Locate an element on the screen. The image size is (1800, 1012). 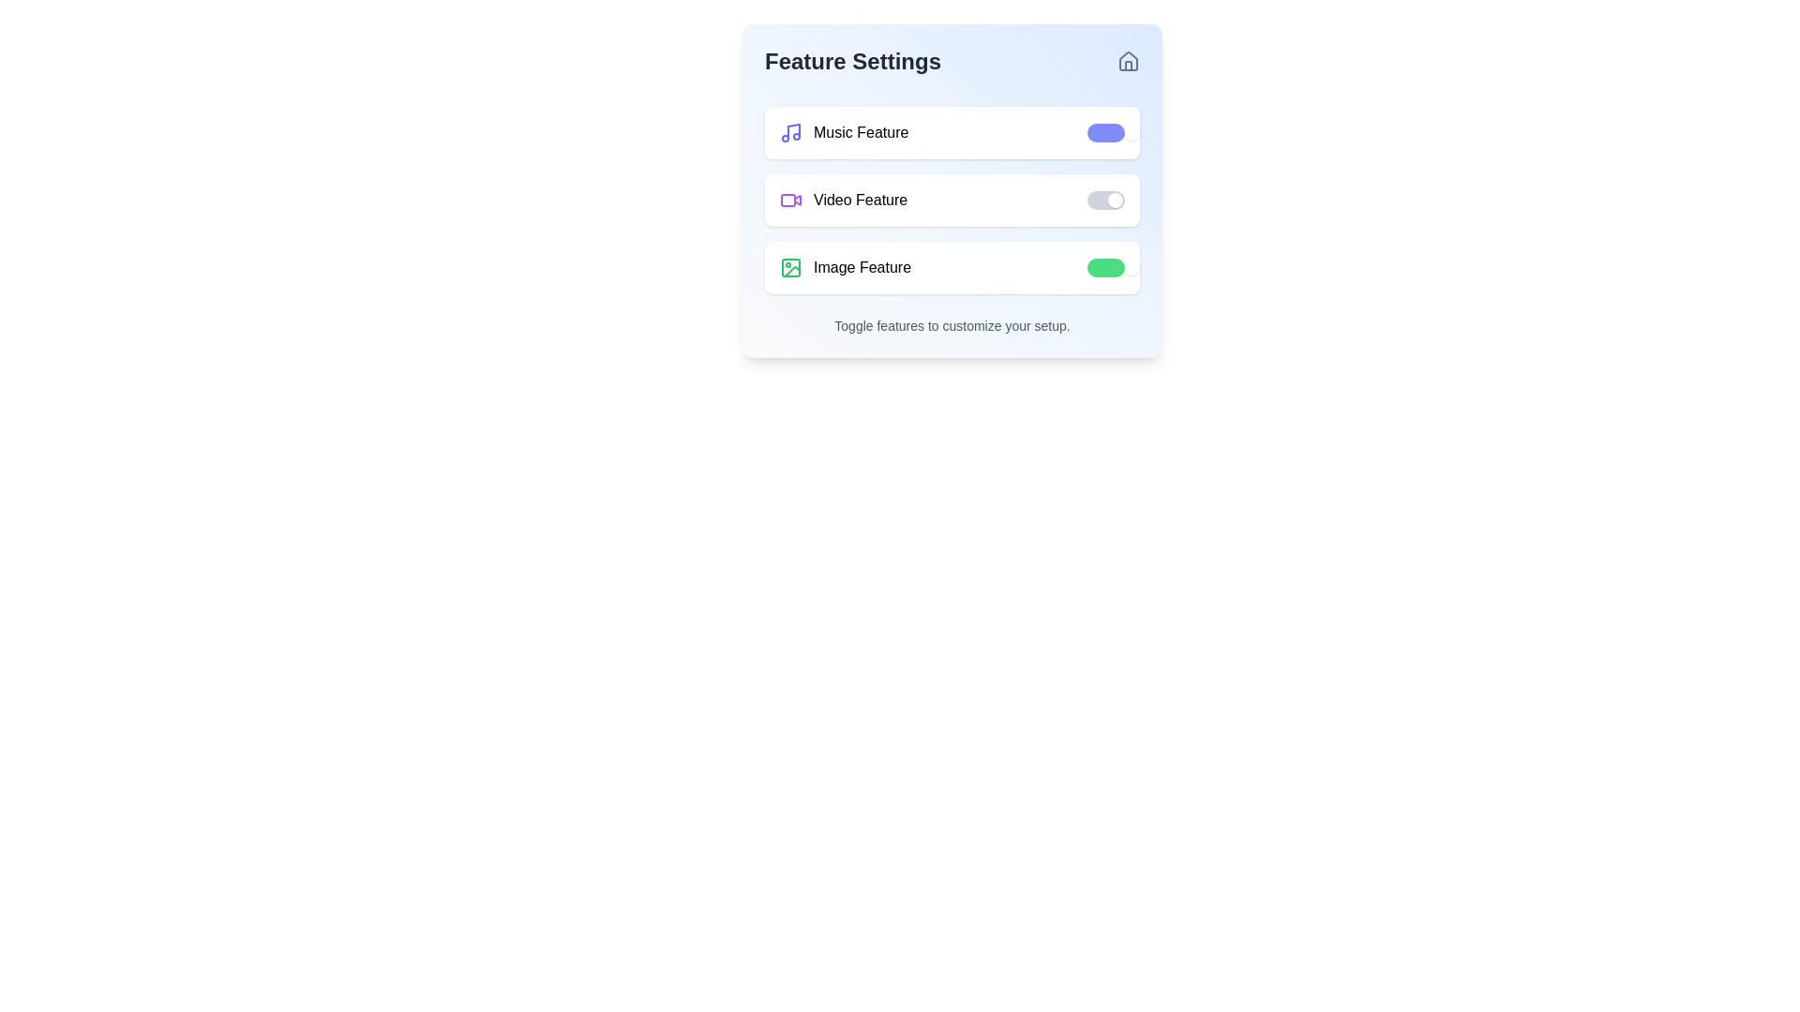
the minimalist house icon located at the top right corner of the Feature Settings interface is located at coordinates (1128, 60).